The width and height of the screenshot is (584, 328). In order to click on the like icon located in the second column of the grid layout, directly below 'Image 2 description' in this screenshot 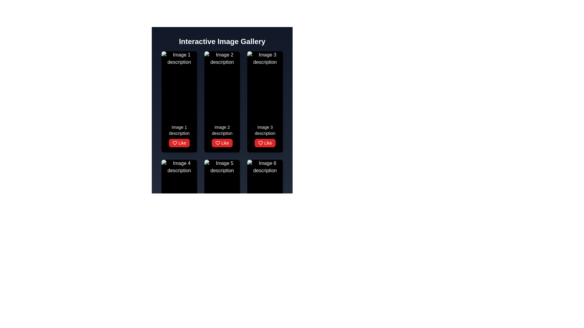, I will do `click(260, 143)`.